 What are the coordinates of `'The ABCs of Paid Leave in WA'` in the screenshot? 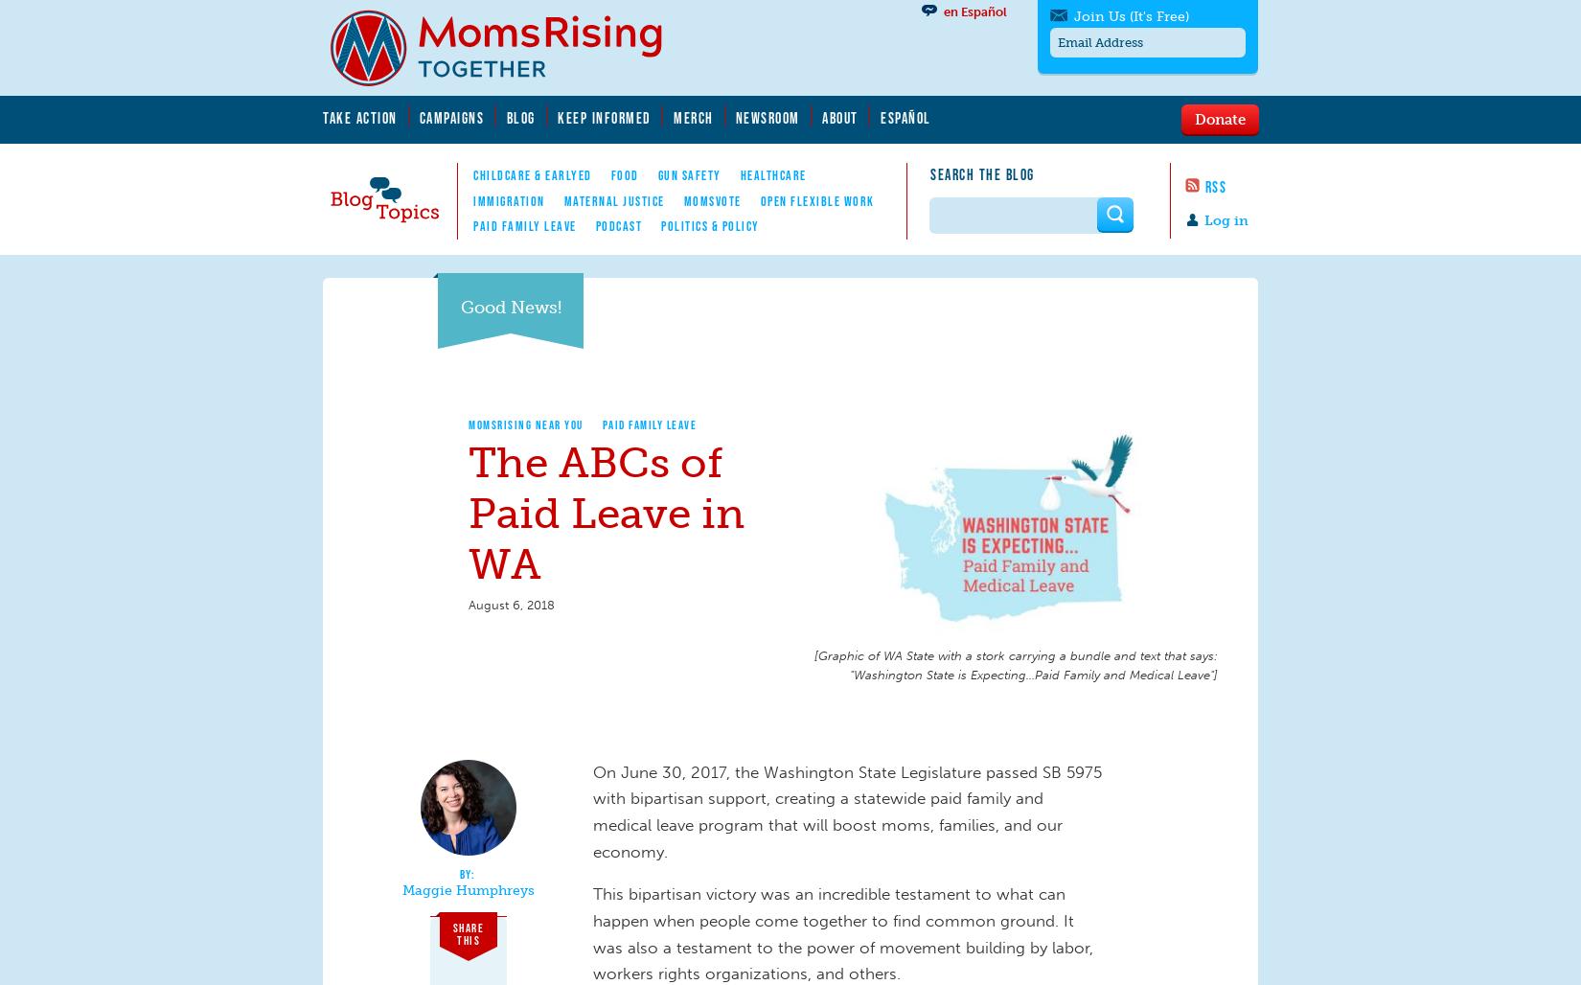 It's located at (605, 513).